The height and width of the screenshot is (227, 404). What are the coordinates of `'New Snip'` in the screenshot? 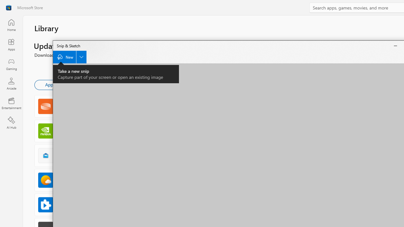 It's located at (69, 57).